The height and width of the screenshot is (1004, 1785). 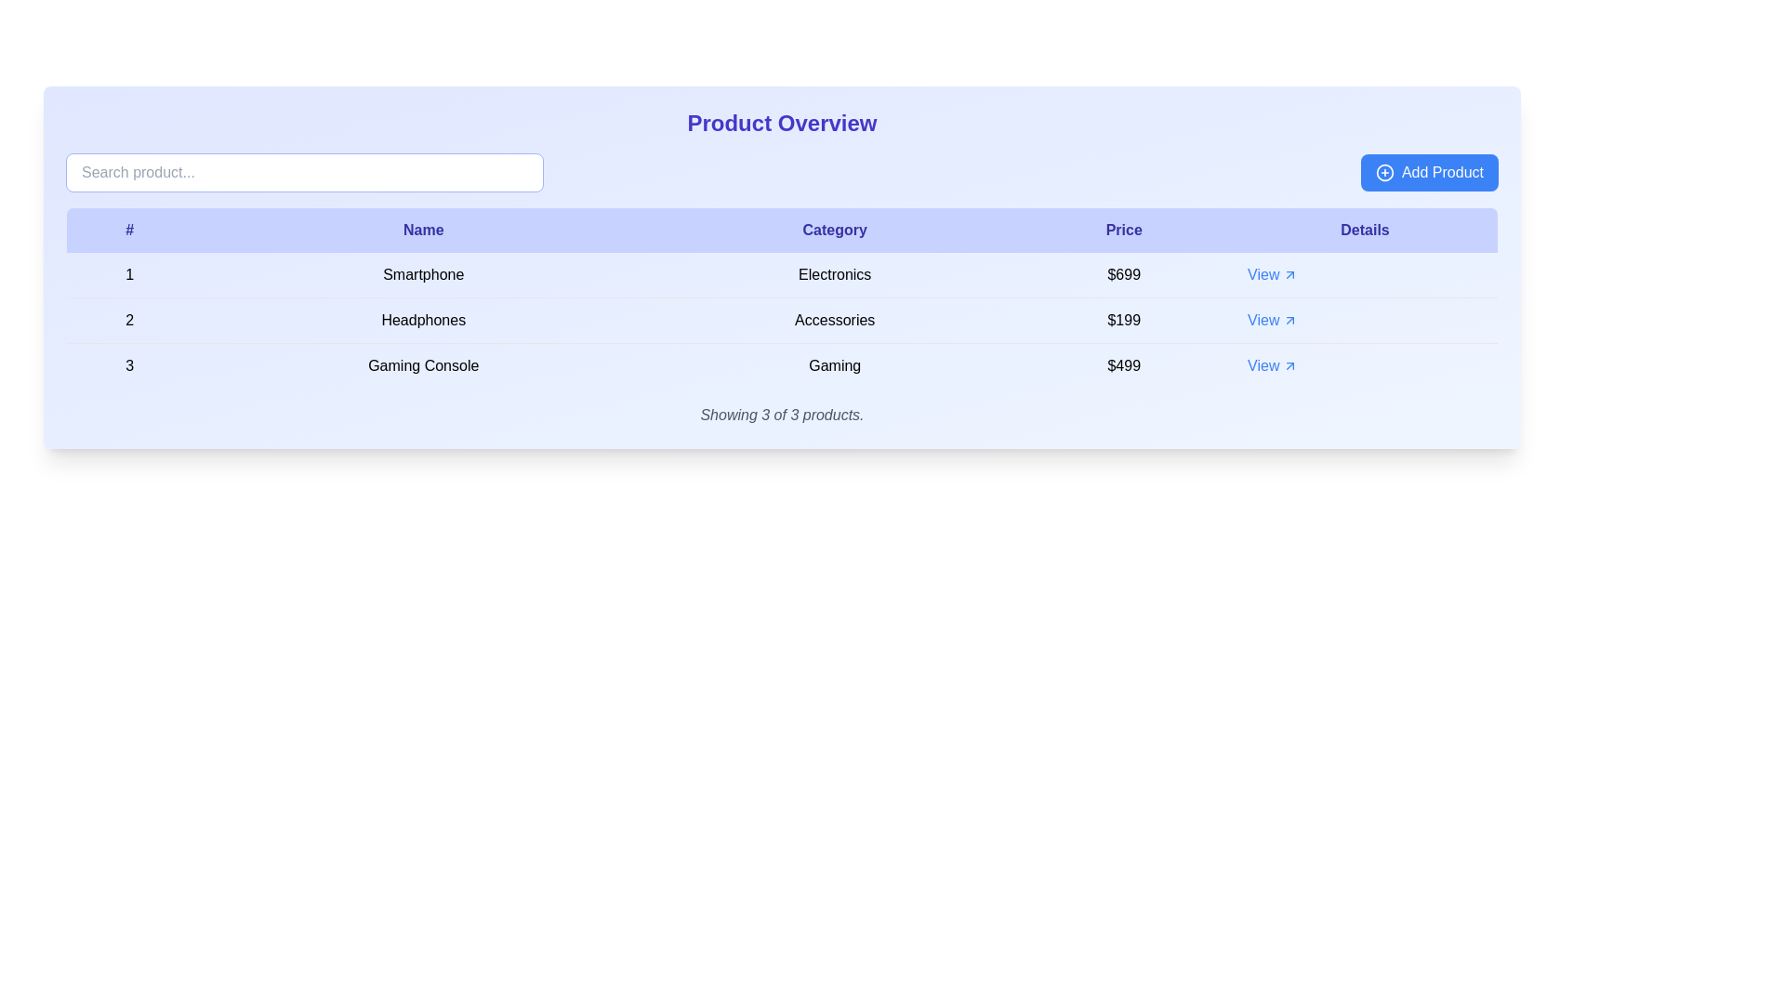 I want to click on the 'Category' text label located in the third row of the table, positioned between '$499' on the right and 'Gaming Console' on the left, so click(x=834, y=365).